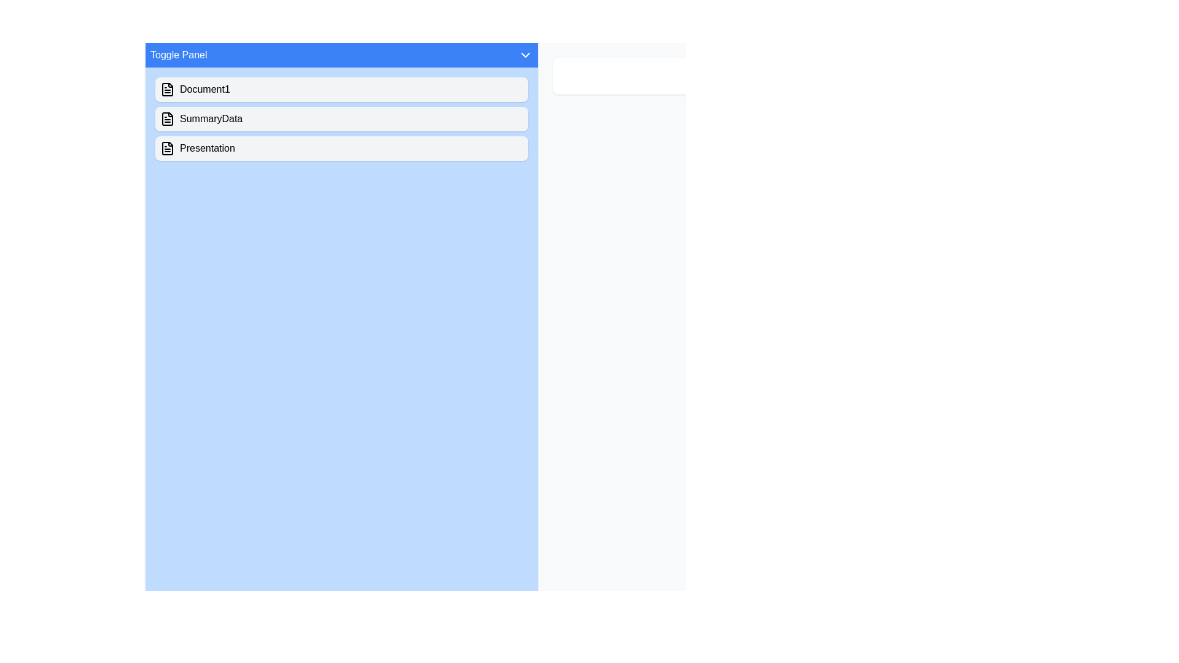 The width and height of the screenshot is (1179, 663). What do you see at coordinates (341, 118) in the screenshot?
I see `the second menu item in the 'Toggle Panel'` at bounding box center [341, 118].